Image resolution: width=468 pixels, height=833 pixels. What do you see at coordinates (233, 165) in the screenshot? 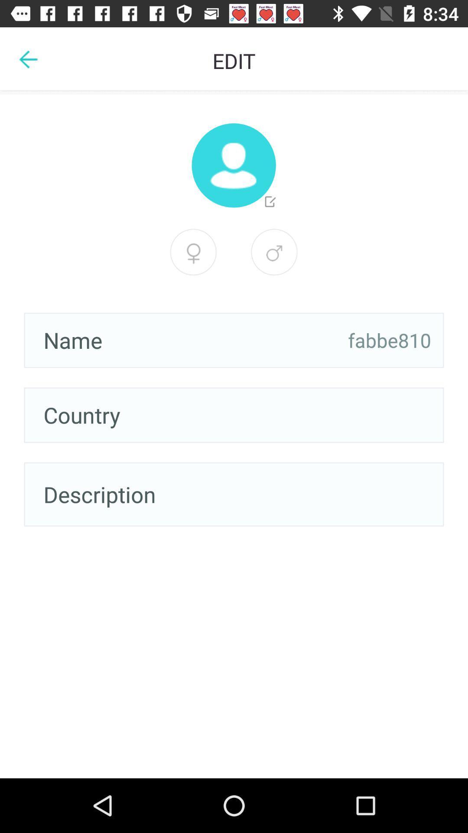
I see `a profile picture` at bounding box center [233, 165].